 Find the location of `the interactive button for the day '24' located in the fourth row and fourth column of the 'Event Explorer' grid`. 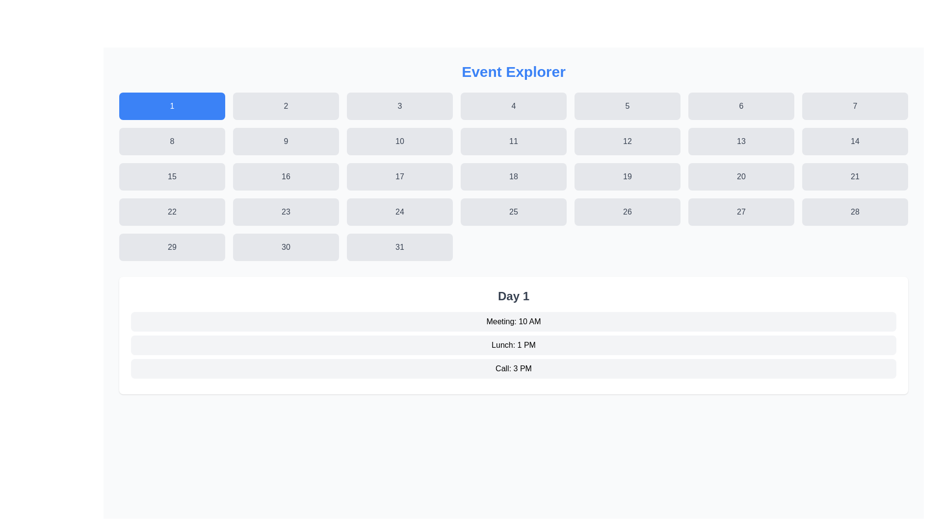

the interactive button for the day '24' located in the fourth row and fourth column of the 'Event Explorer' grid is located at coordinates (400, 211).